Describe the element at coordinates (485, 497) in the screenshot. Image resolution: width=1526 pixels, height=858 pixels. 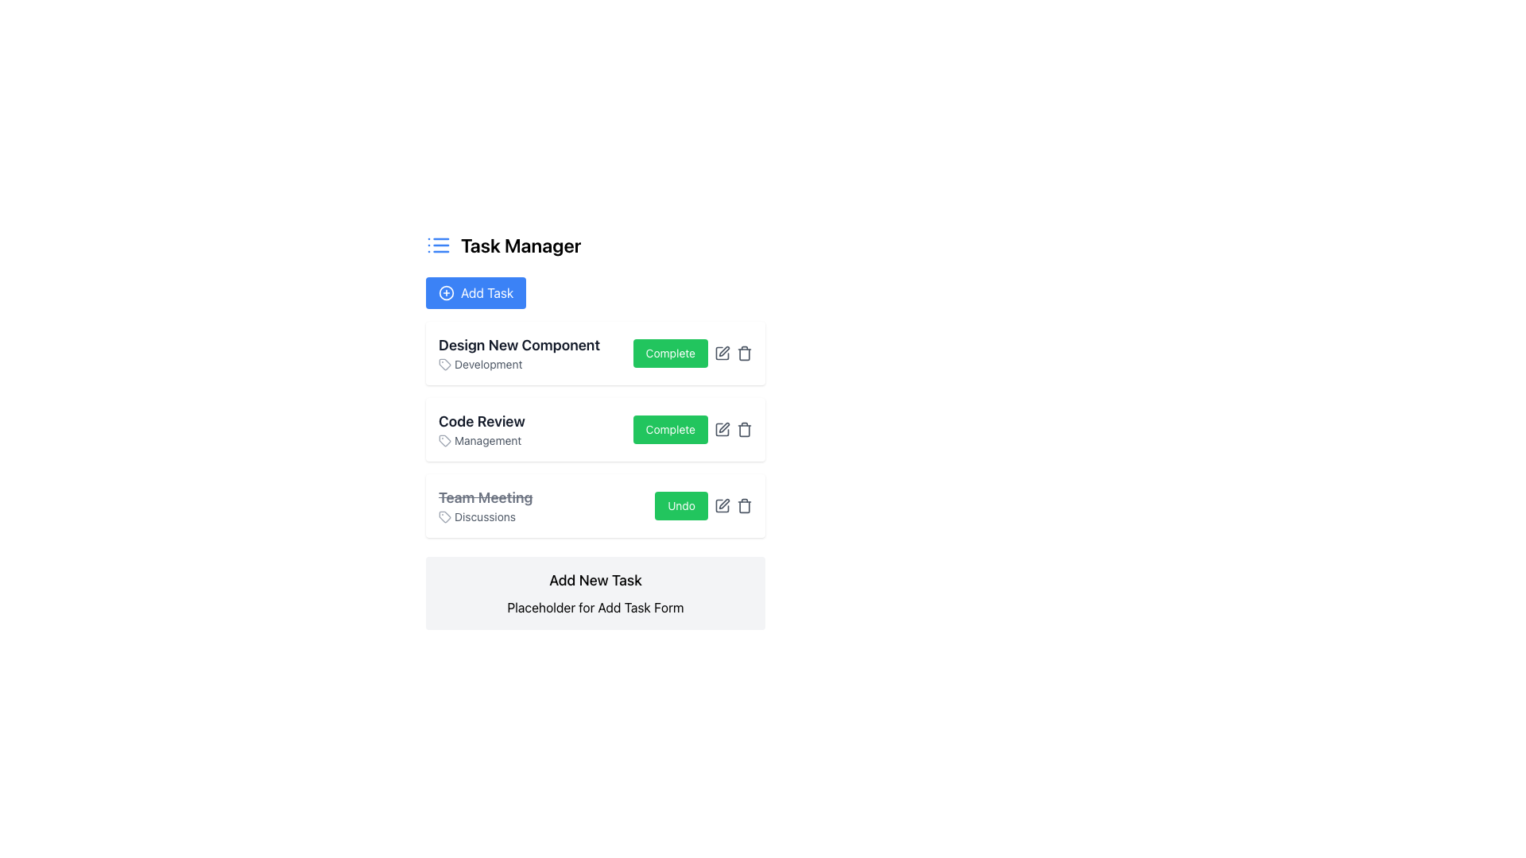
I see `the completed task label indicating 'Team MeetingDiscussions'` at that location.